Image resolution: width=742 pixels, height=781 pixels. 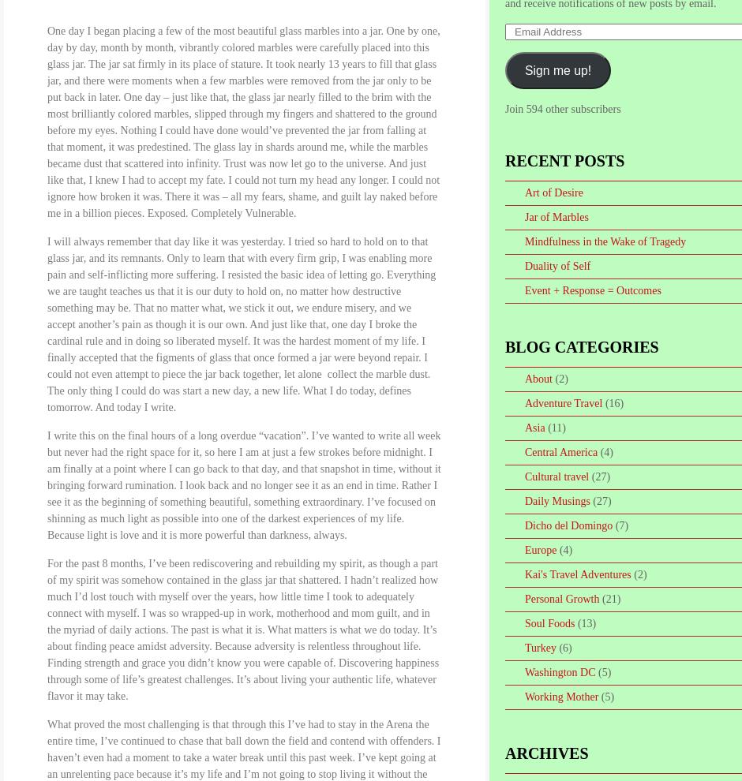 I want to click on 'Blog Categories', so click(x=581, y=346).